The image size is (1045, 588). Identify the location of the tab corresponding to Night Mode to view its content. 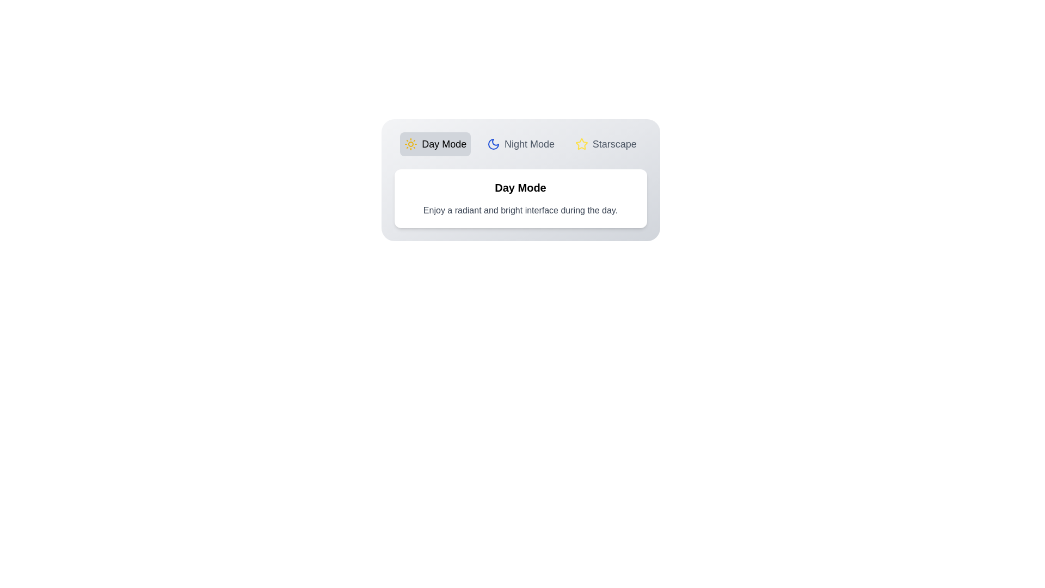
(520, 144).